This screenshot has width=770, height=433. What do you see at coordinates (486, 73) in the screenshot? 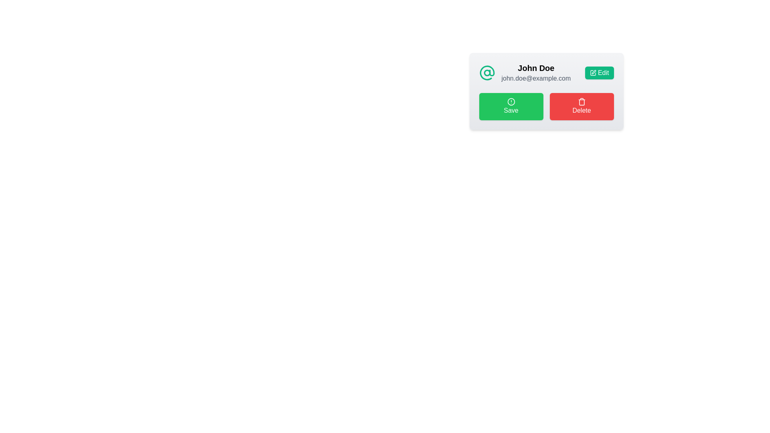
I see `the central circular feature of the icon located at the top-left section of the user profile card` at bounding box center [486, 73].